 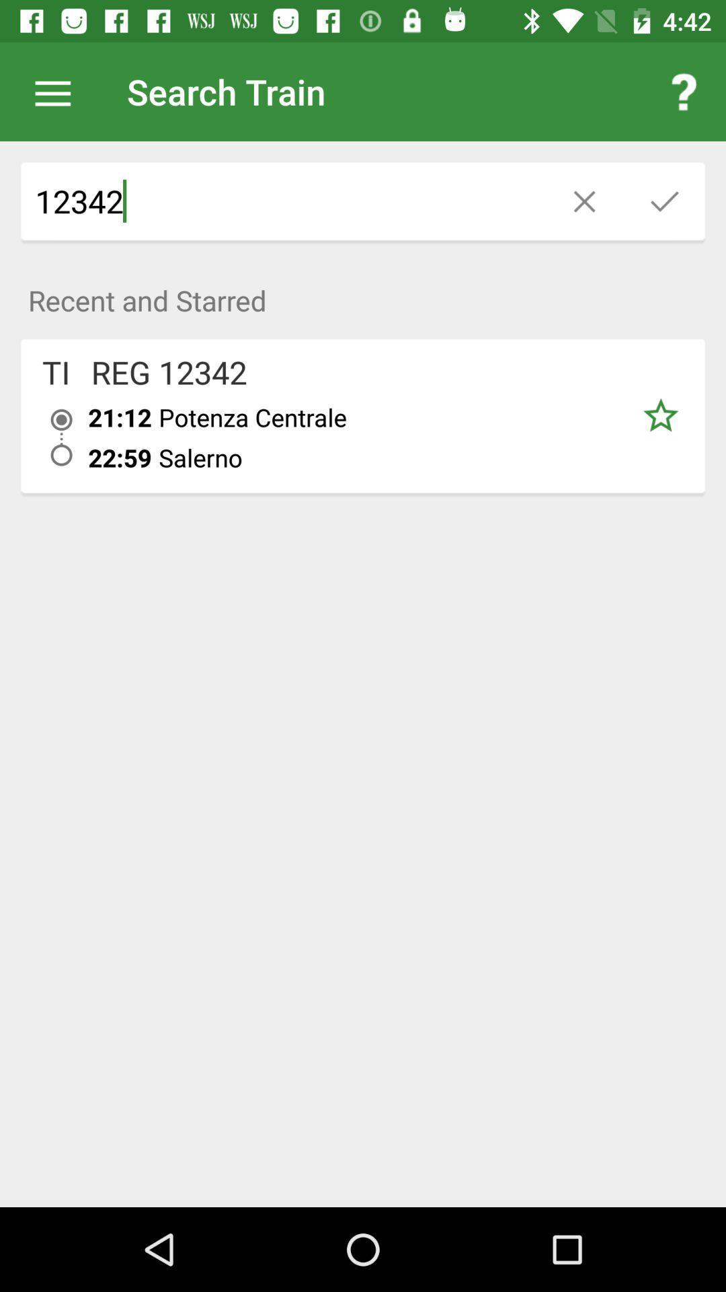 What do you see at coordinates (55, 372) in the screenshot?
I see `the icon next to 21:12 icon` at bounding box center [55, 372].